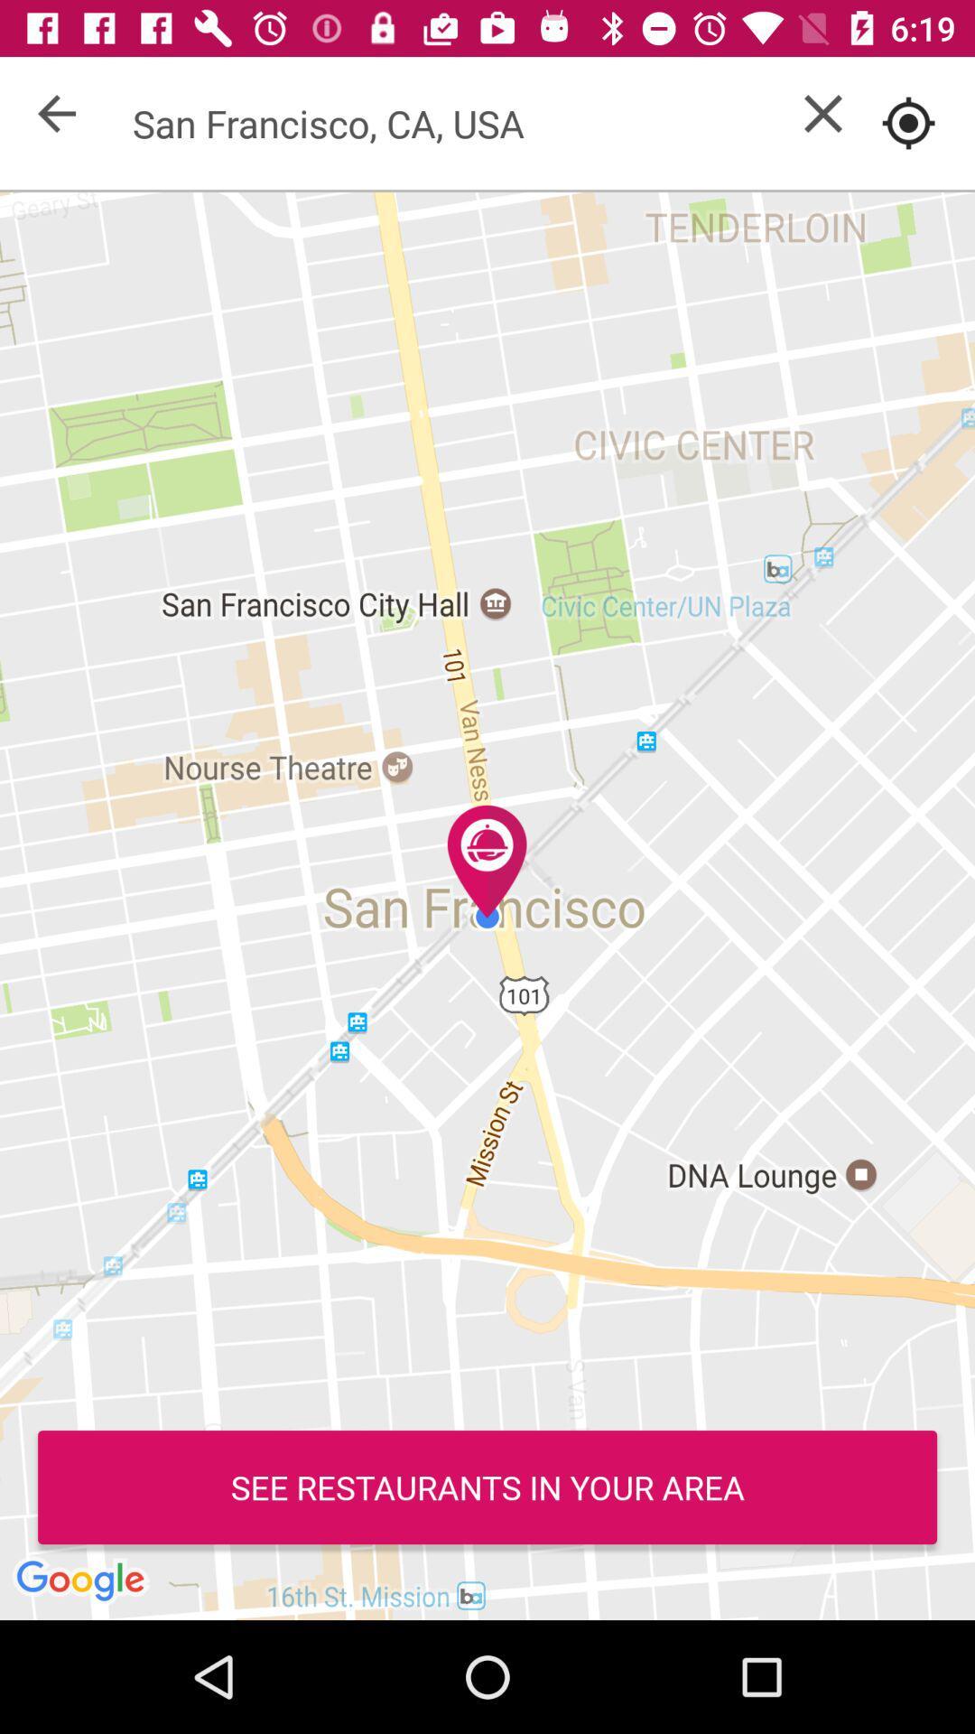 The image size is (975, 1734). I want to click on mark map, so click(908, 122).